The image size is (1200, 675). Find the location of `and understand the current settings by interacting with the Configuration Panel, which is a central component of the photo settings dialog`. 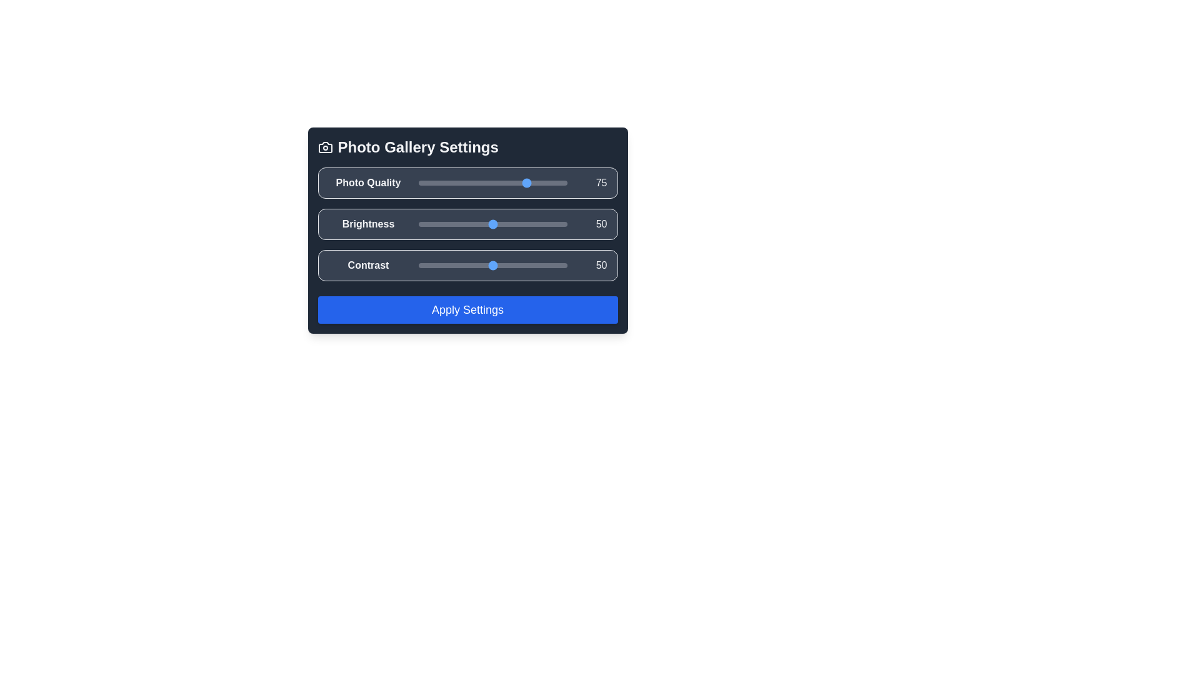

and understand the current settings by interacting with the Configuration Panel, which is a central component of the photo settings dialog is located at coordinates (467, 231).